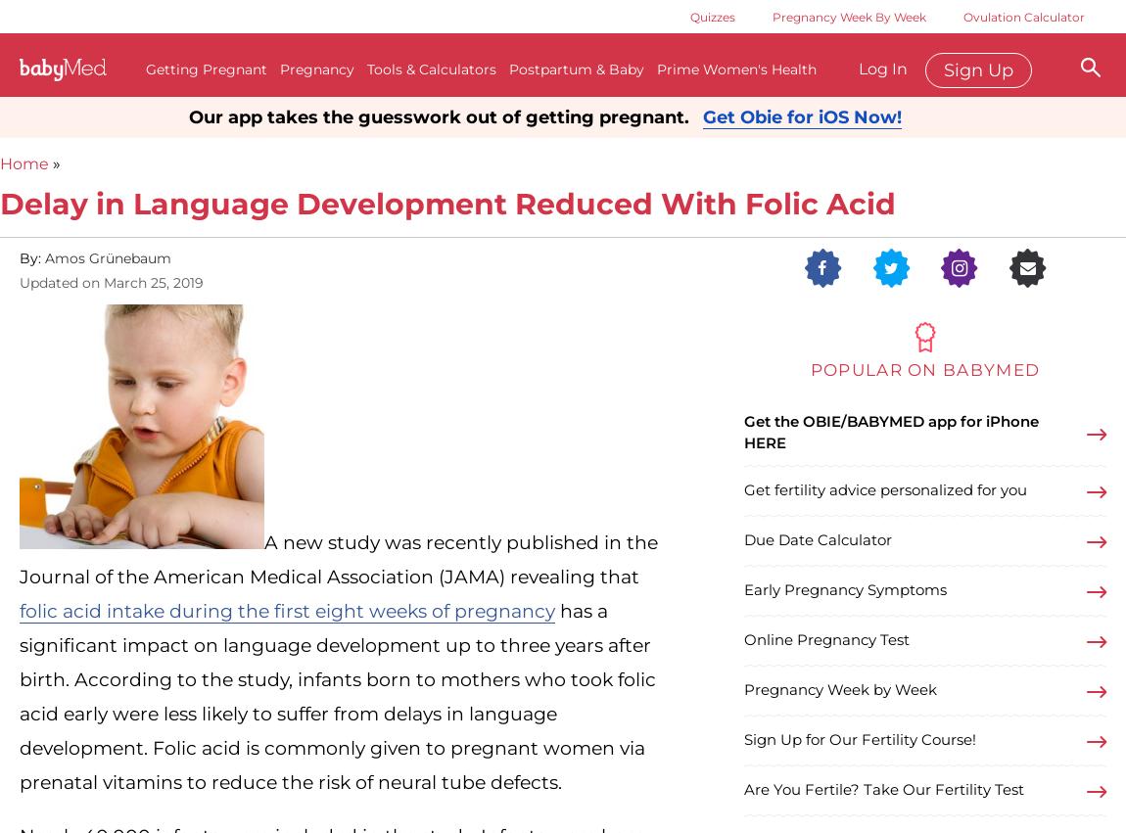 The height and width of the screenshot is (833, 1126). What do you see at coordinates (107, 255) in the screenshot?
I see `'Amos Grünebaum'` at bounding box center [107, 255].